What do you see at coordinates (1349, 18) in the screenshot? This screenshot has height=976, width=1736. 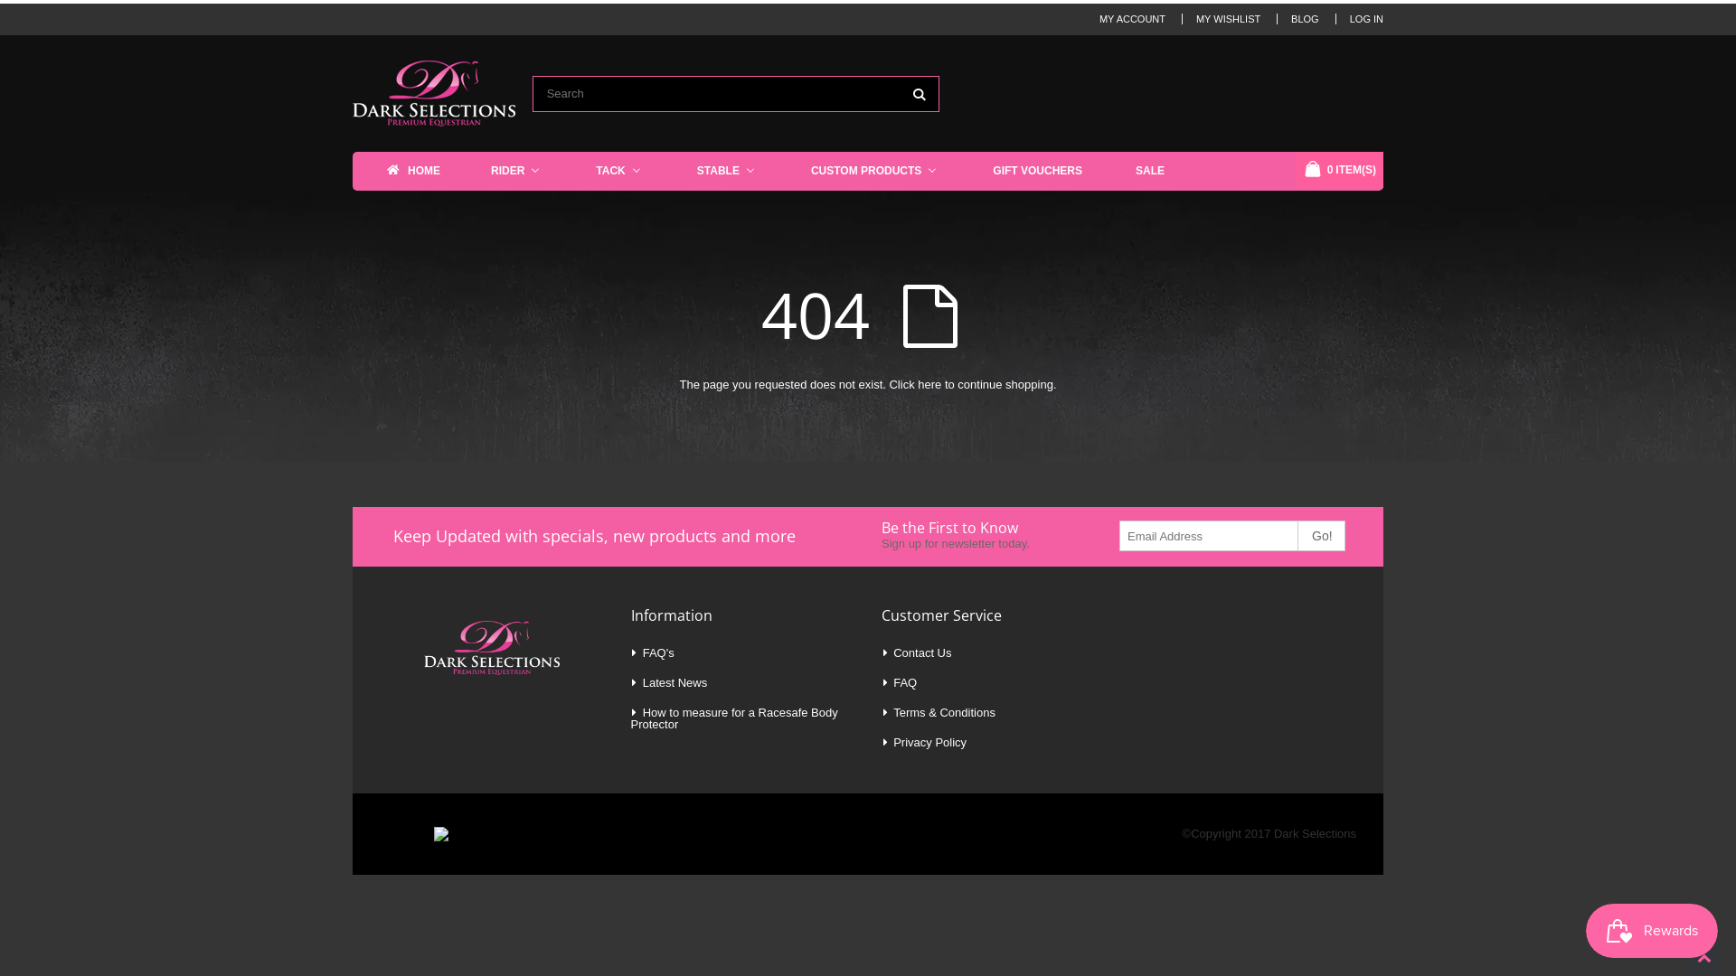 I see `'LOG IN'` at bounding box center [1349, 18].